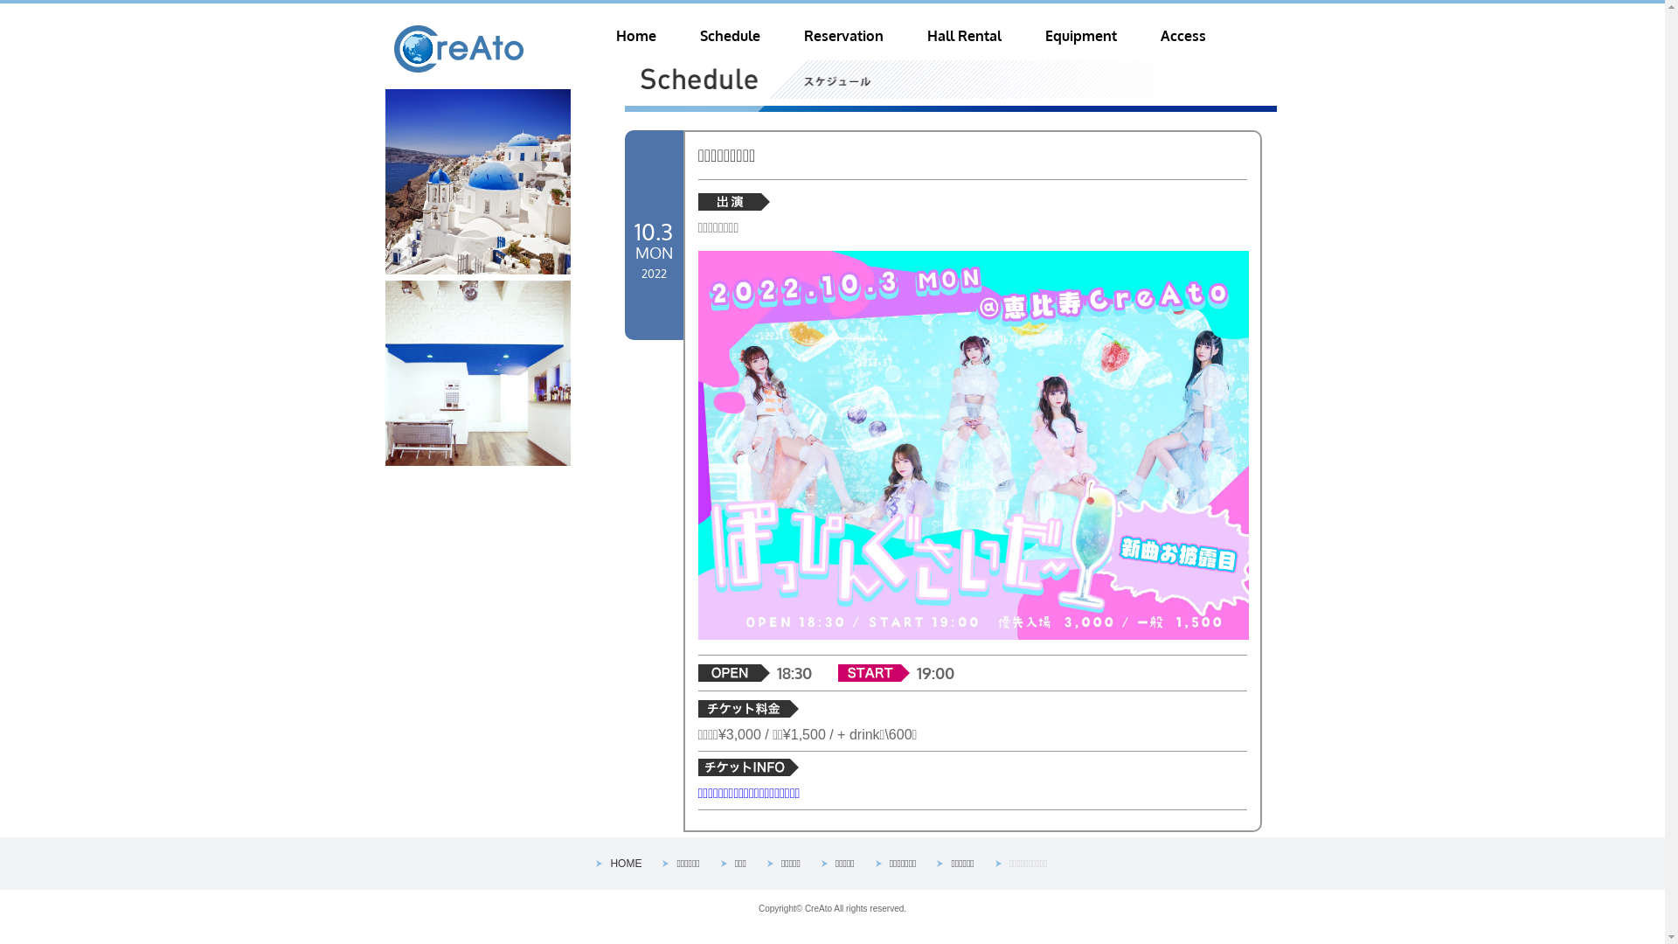 The height and width of the screenshot is (944, 1678). Describe the element at coordinates (843, 36) in the screenshot. I see `'Reservation'` at that location.